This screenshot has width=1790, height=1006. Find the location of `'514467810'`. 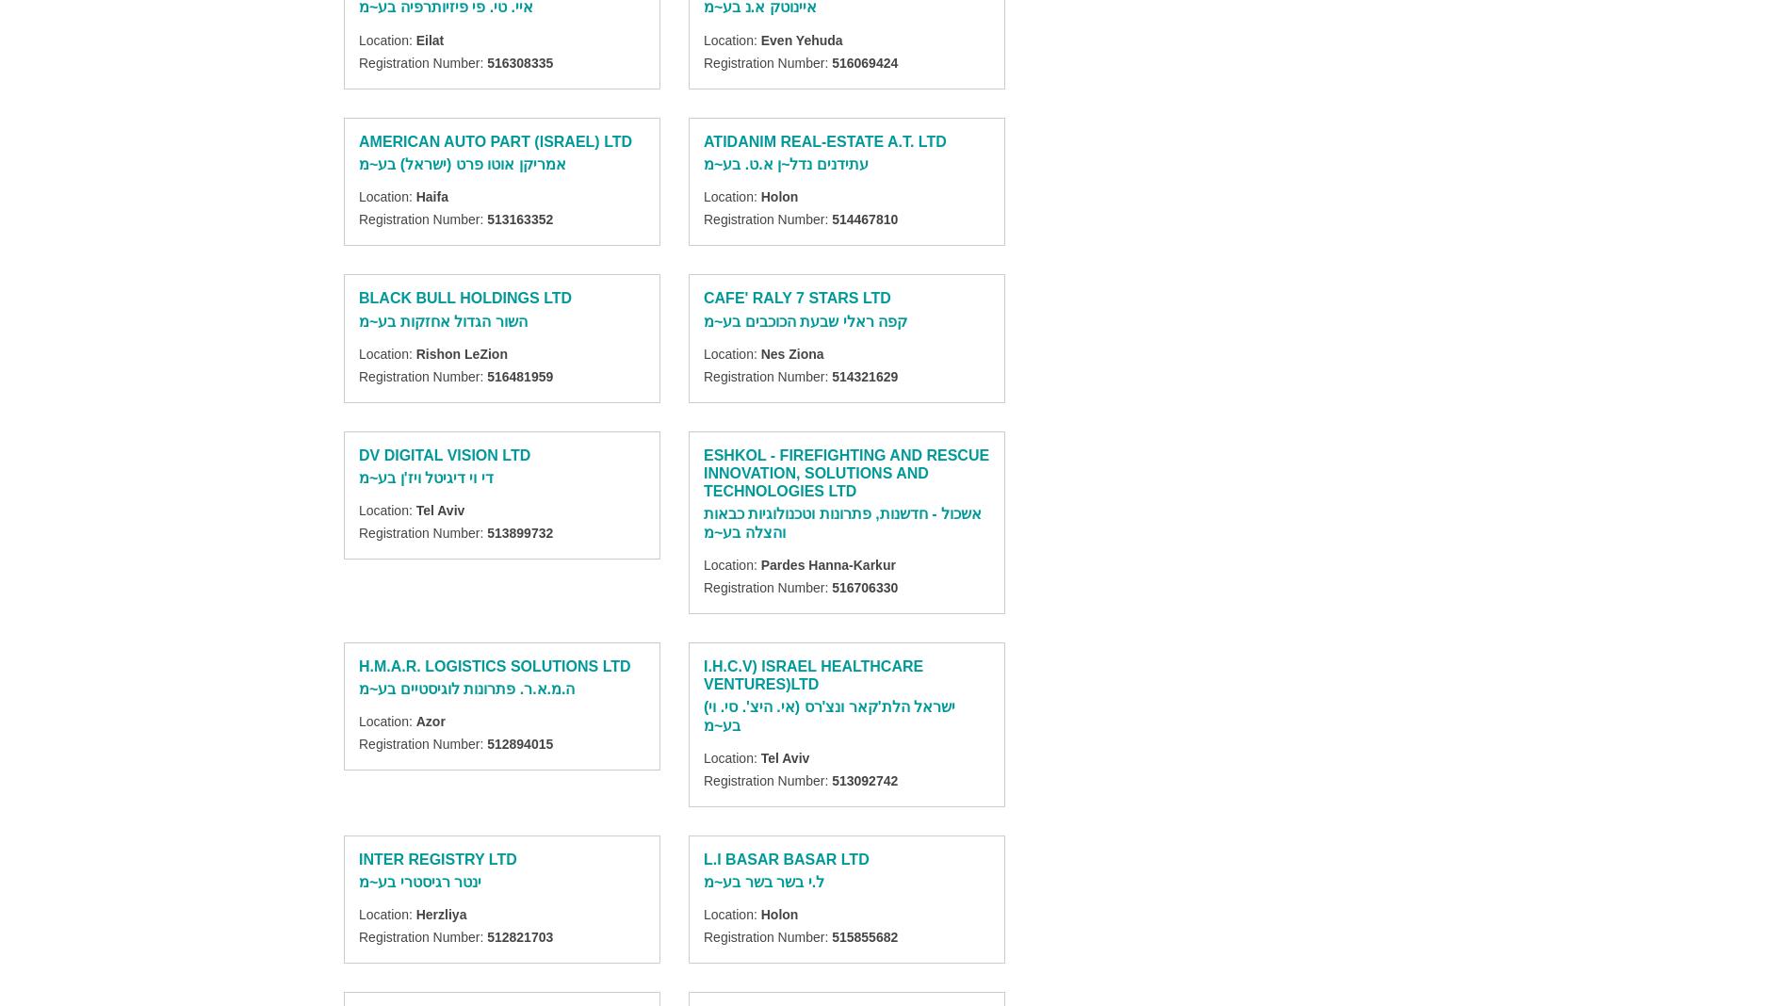

'514467810' is located at coordinates (830, 219).